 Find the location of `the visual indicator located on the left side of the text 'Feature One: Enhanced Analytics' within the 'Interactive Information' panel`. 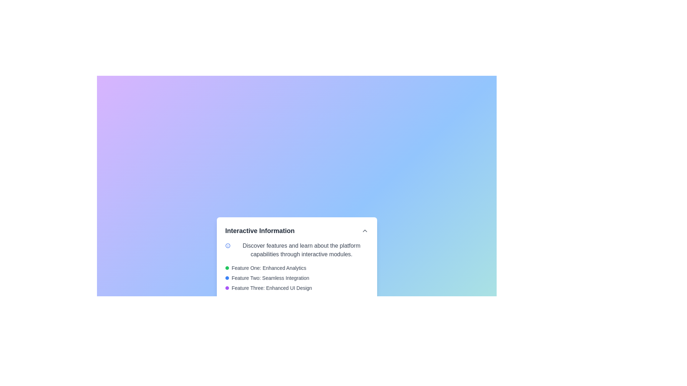

the visual indicator located on the left side of the text 'Feature One: Enhanced Analytics' within the 'Interactive Information' panel is located at coordinates (226, 268).